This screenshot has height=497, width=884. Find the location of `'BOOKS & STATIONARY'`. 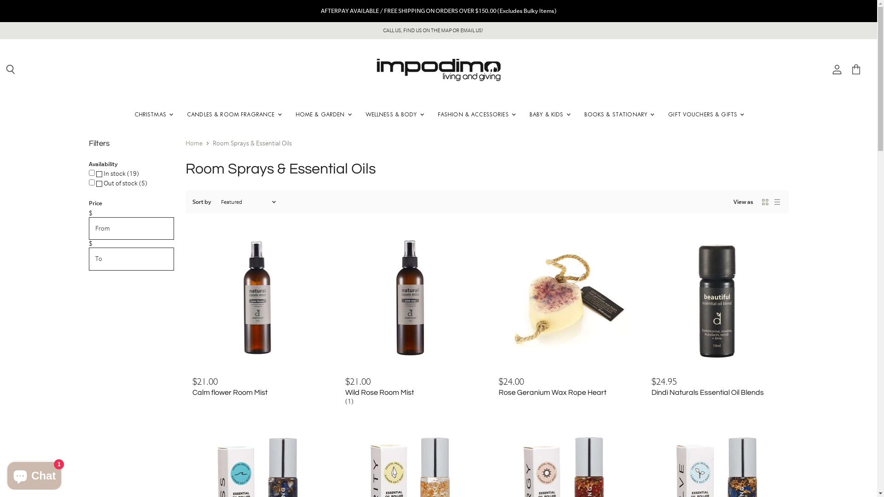

'BOOKS & STATIONARY' is located at coordinates (619, 114).